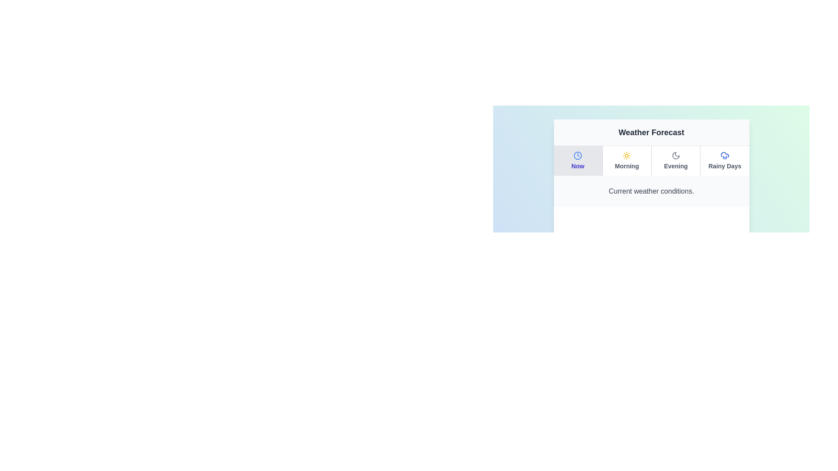 The height and width of the screenshot is (471, 838). What do you see at coordinates (725, 161) in the screenshot?
I see `the 'Rainy Days' icon with text, which features a blue cloud-and-rain icon and the text styled in a clean sans-serif font, located in the fourth position of the weather conditions navigation bar` at bounding box center [725, 161].